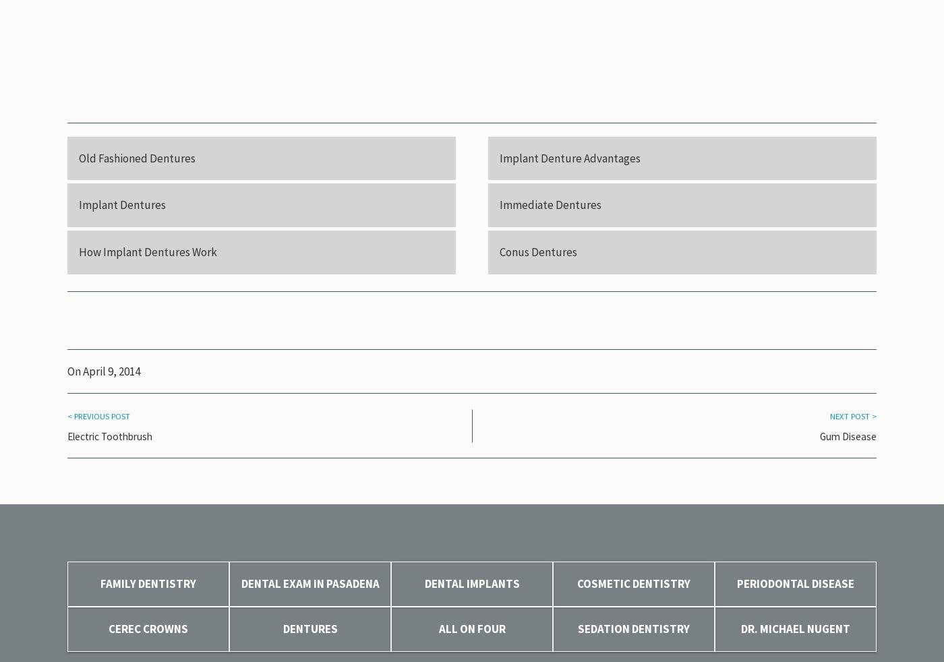 The image size is (944, 662). I want to click on 'Next Post >', so click(830, 415).